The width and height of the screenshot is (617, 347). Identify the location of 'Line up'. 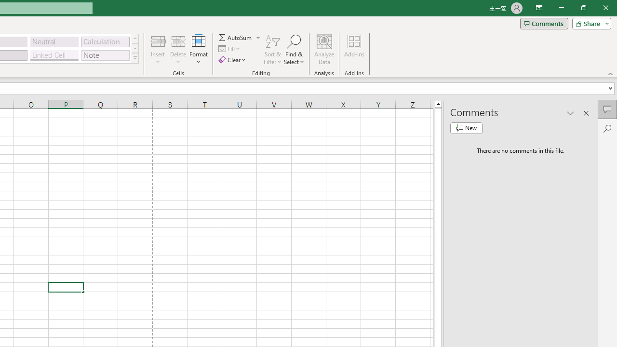
(438, 104).